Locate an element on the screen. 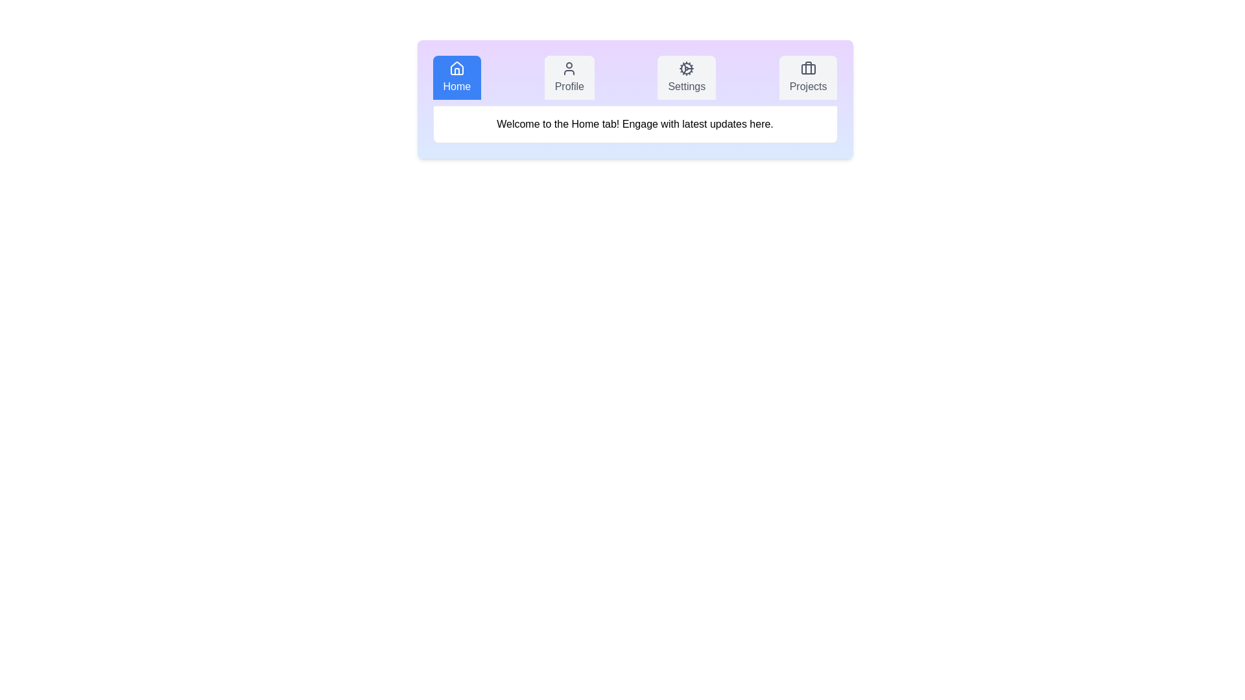  the user icon representing a person with gray outlines, located above the label 'Profile' in the navigation bar is located at coordinates (569, 68).